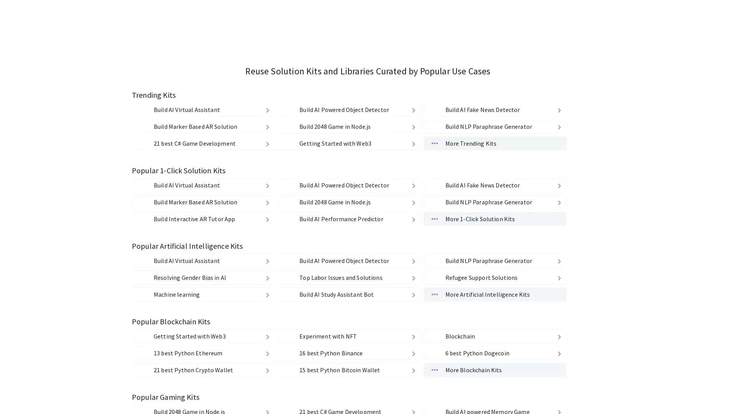 The image size is (736, 414). What do you see at coordinates (402, 319) in the screenshot?
I see `delete` at bounding box center [402, 319].